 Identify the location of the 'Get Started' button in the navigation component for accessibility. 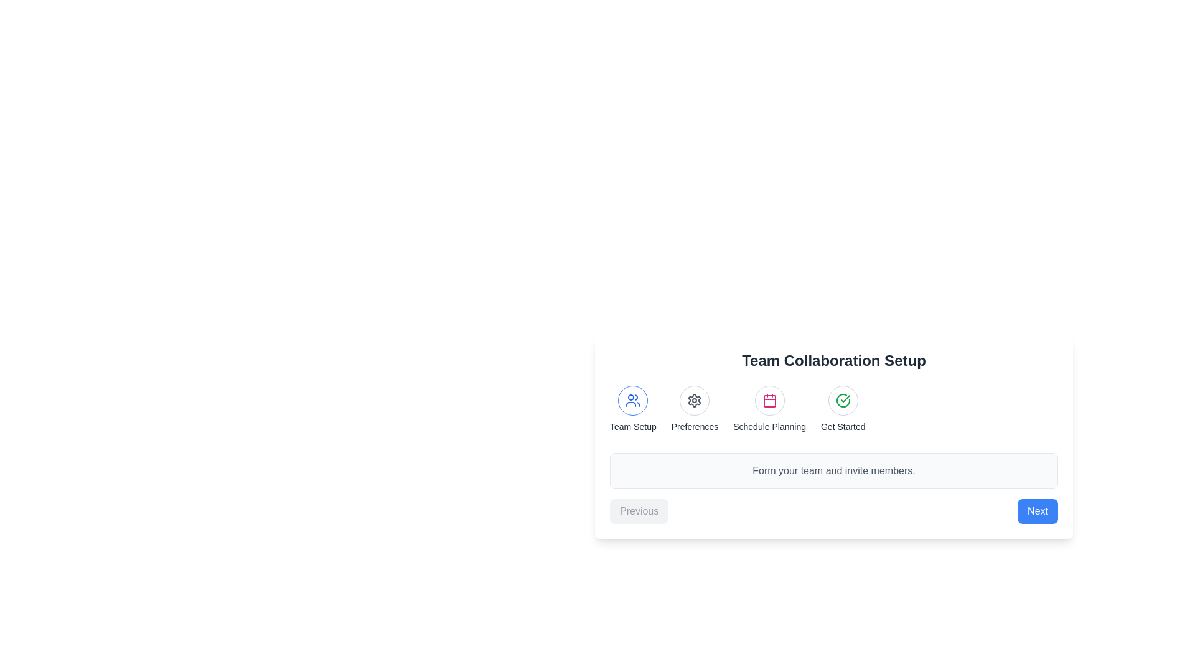
(833, 436).